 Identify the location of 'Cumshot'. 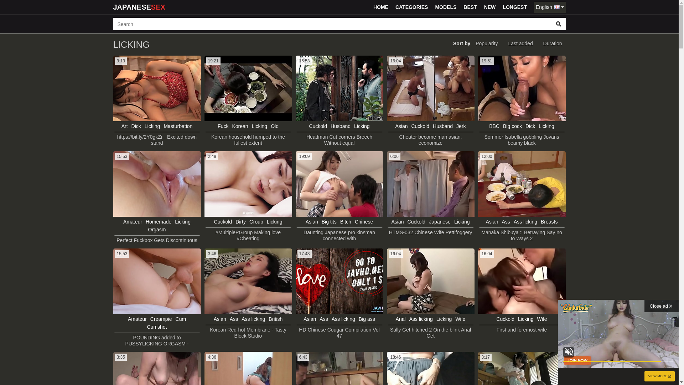
(156, 327).